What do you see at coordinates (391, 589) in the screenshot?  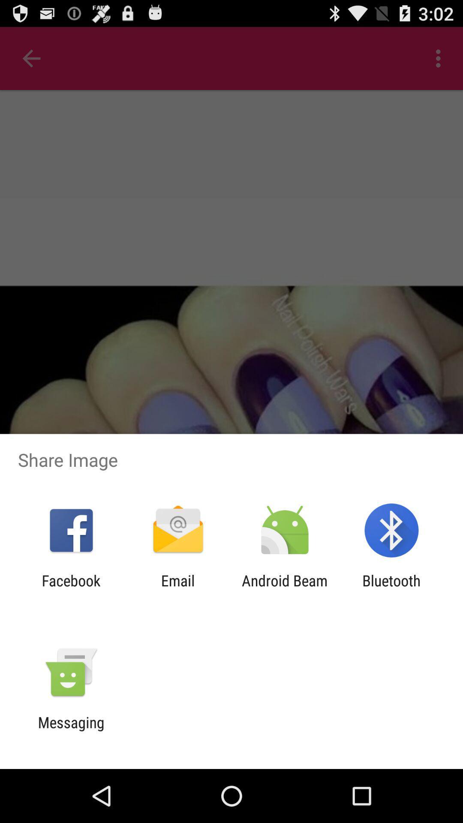 I see `bluetooth at the bottom right corner` at bounding box center [391, 589].